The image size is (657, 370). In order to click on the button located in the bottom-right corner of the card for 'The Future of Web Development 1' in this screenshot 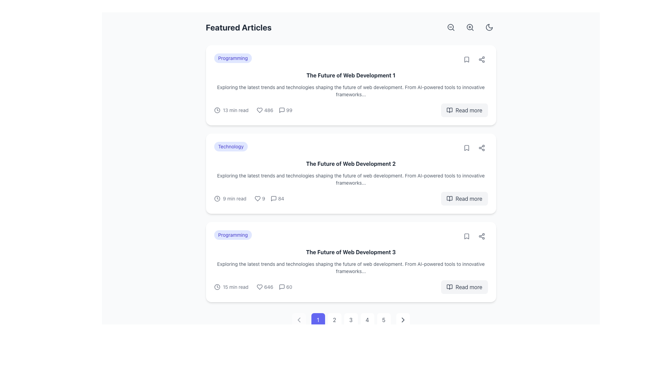, I will do `click(464, 110)`.